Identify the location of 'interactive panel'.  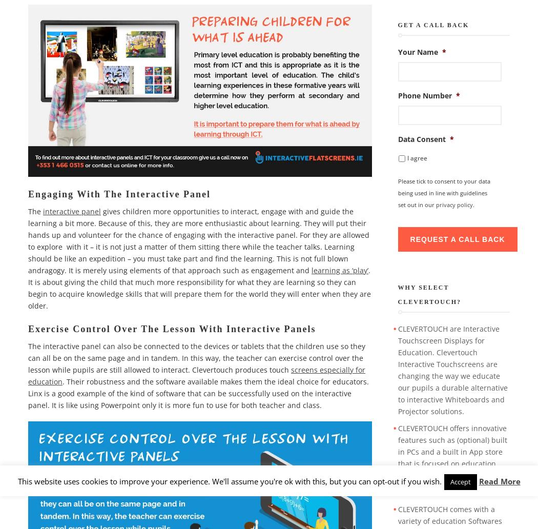
(71, 210).